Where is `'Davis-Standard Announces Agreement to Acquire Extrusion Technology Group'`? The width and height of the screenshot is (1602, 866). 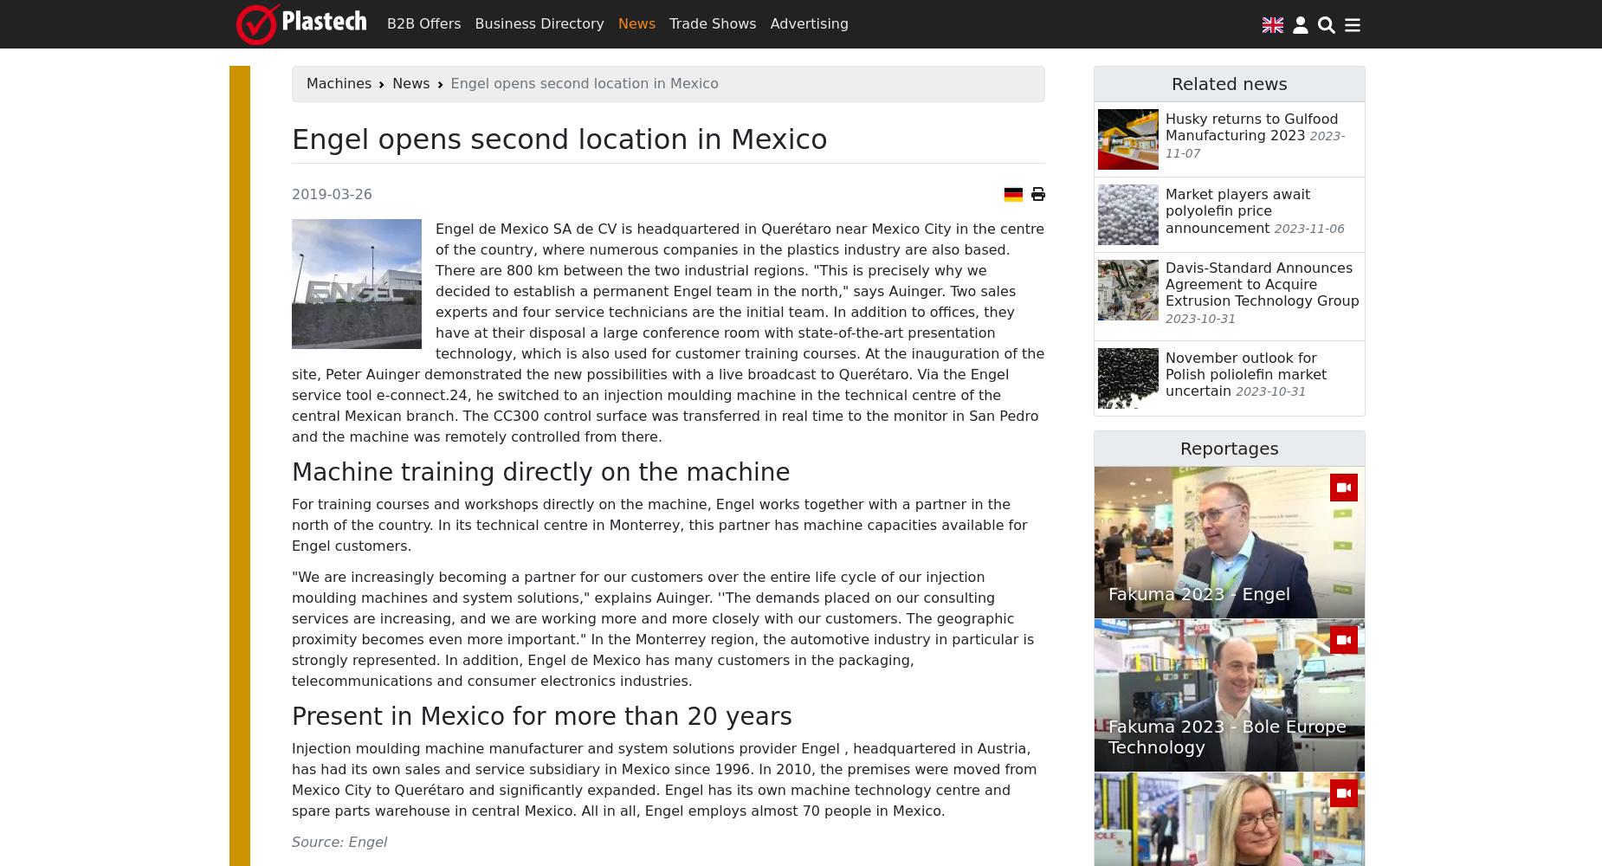 'Davis-Standard Announces Agreement to Acquire Extrusion Technology Group' is located at coordinates (1165, 283).